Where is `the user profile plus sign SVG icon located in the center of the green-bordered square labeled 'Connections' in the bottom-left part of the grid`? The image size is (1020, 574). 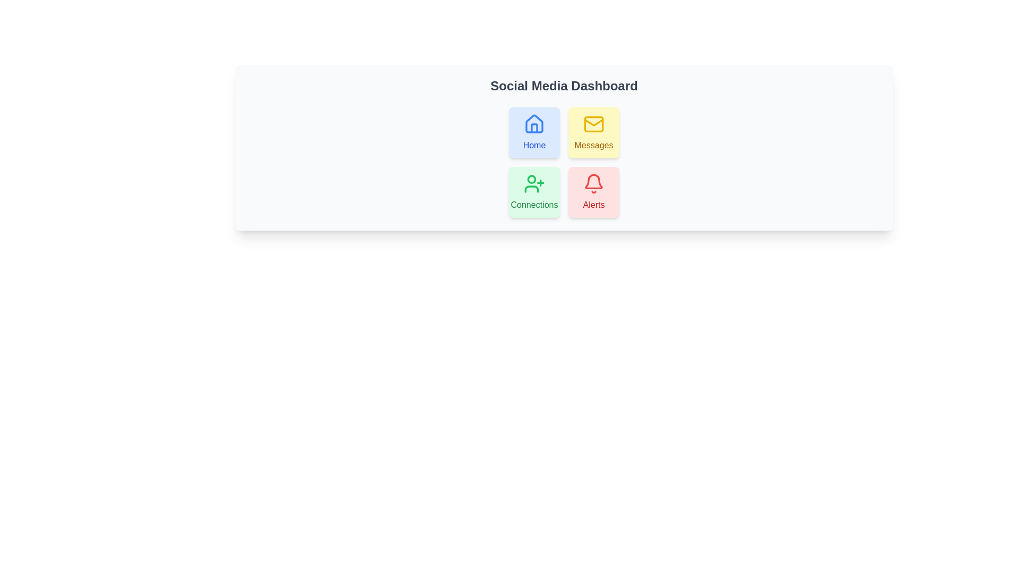
the user profile plus sign SVG icon located in the center of the green-bordered square labeled 'Connections' in the bottom-left part of the grid is located at coordinates (534, 183).